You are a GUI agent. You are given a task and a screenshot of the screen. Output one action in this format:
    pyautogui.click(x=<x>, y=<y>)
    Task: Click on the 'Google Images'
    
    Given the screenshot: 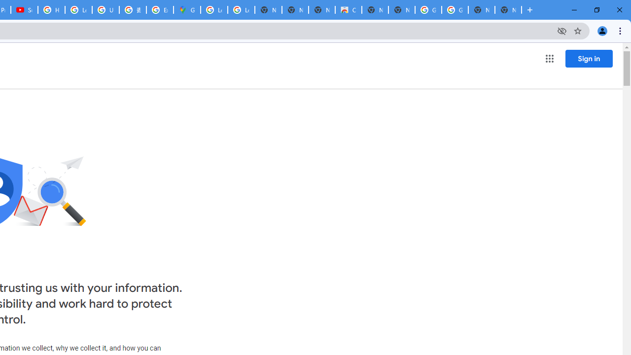 What is the action you would take?
    pyautogui.click(x=428, y=10)
    